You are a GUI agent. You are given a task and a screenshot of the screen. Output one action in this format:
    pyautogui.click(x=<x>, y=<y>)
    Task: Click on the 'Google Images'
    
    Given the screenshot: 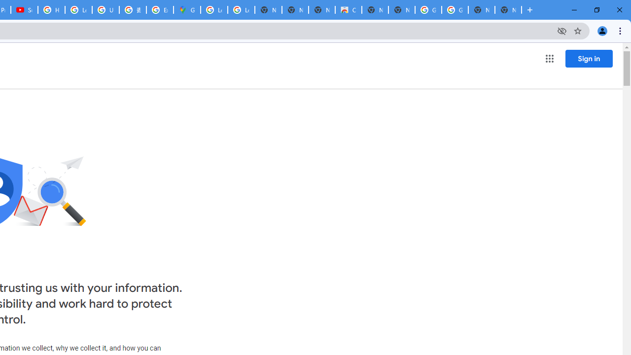 What is the action you would take?
    pyautogui.click(x=428, y=10)
    